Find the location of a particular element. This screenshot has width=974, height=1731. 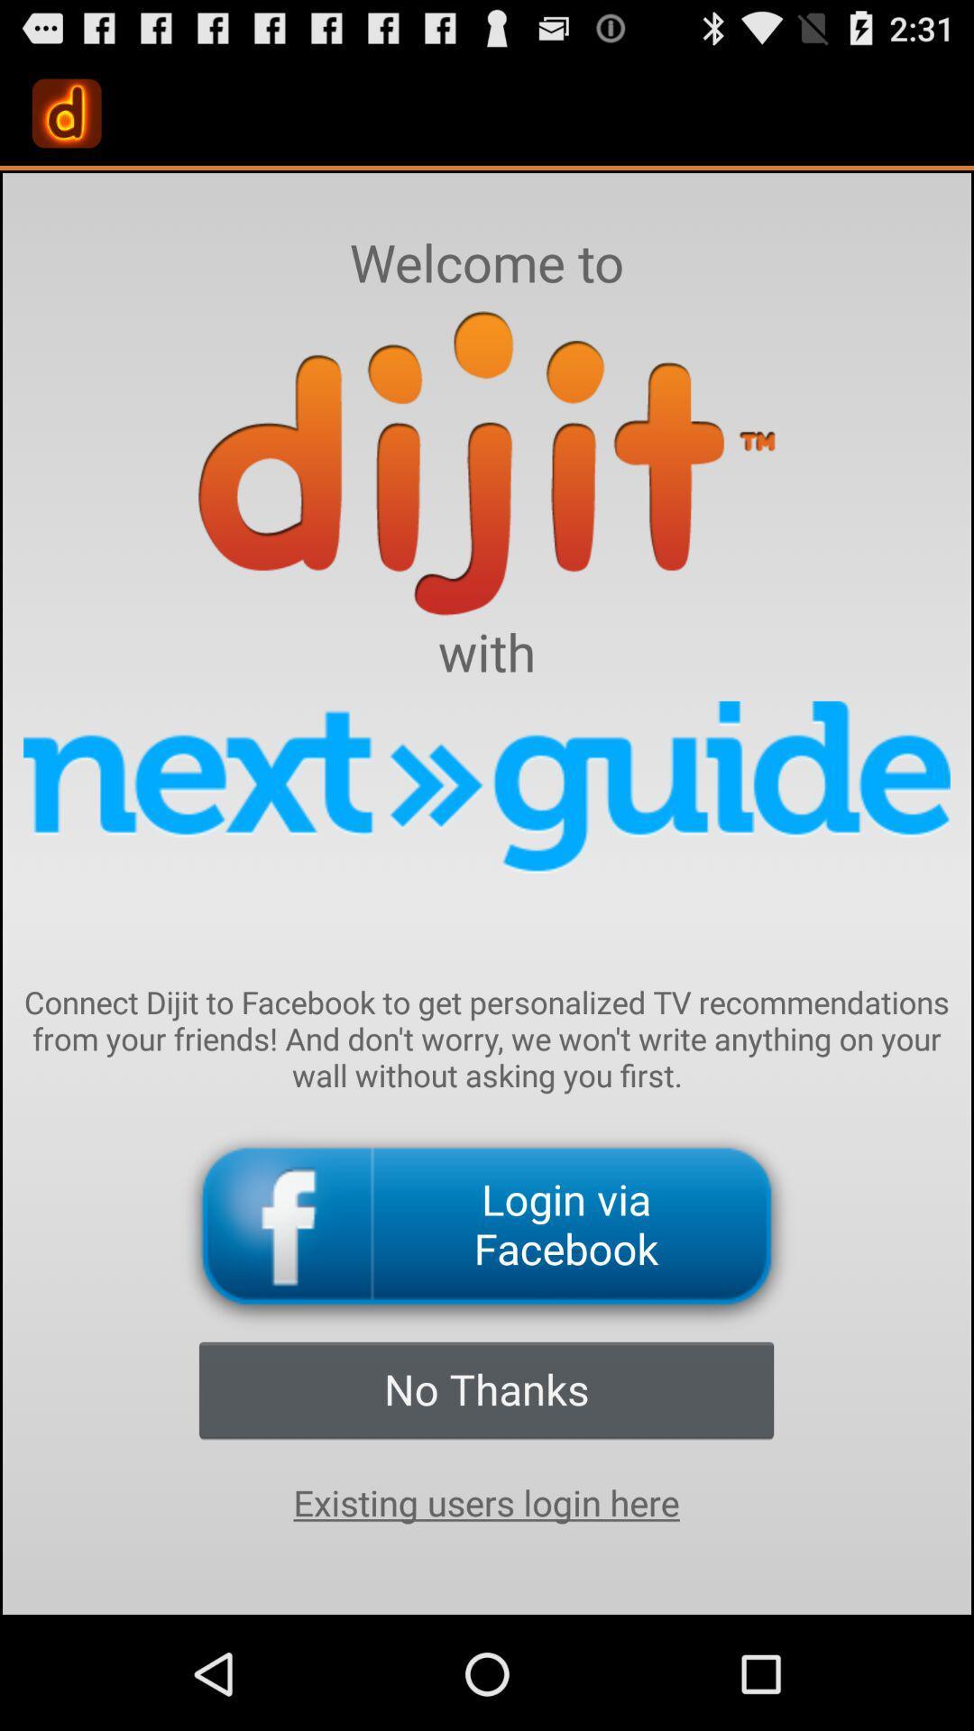

item above no thanks is located at coordinates (487, 1226).